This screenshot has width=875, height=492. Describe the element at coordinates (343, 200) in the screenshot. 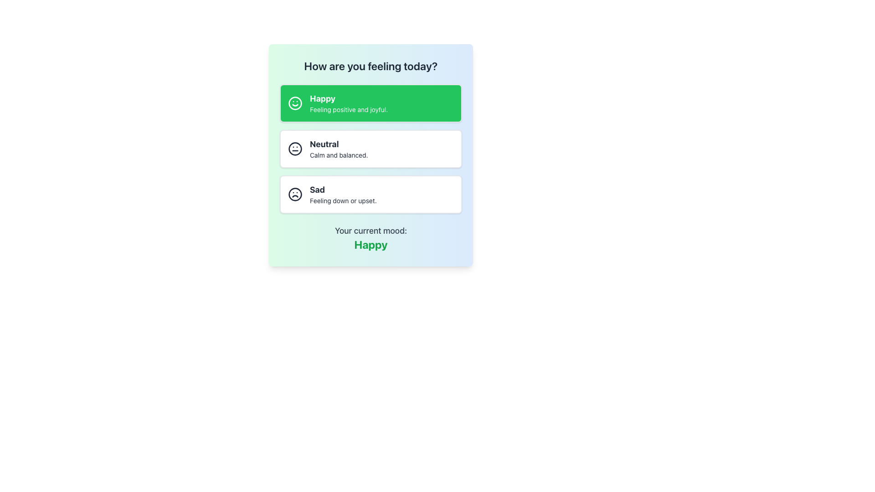

I see `the text label reading 'Feeling down or upset.' located under the 'Sad' header in the Sad mood card` at that location.